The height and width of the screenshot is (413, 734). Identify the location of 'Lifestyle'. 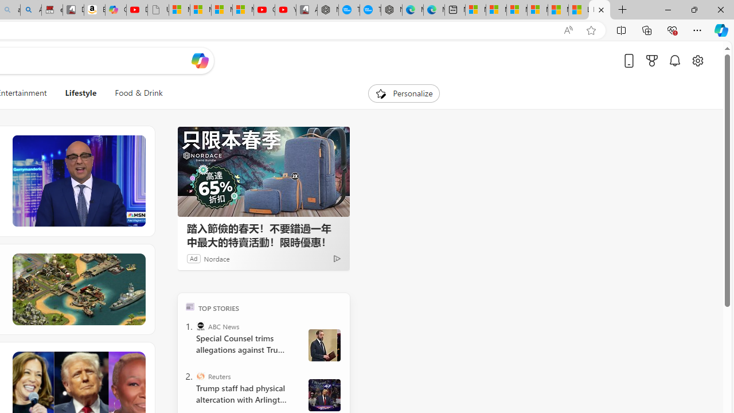
(80, 93).